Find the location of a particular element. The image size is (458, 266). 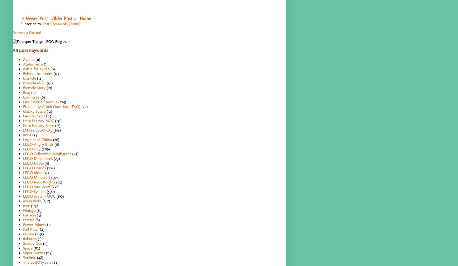

'Frequently Asked Questions (FAQ)' is located at coordinates (52, 106).